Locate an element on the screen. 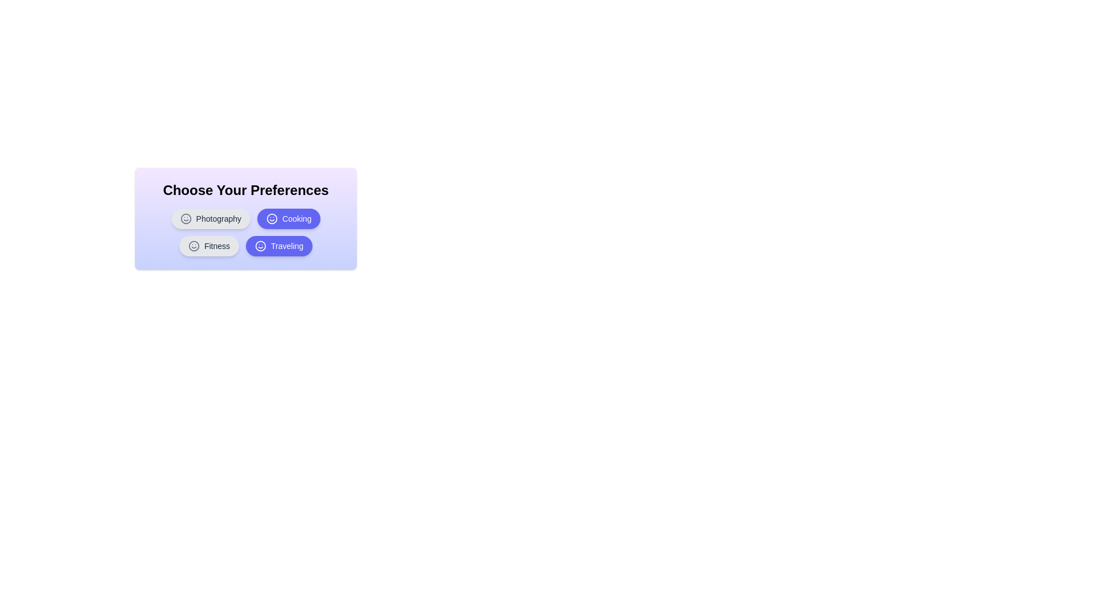 Image resolution: width=1093 pixels, height=614 pixels. the chip labeled 'Fitness' is located at coordinates (209, 245).